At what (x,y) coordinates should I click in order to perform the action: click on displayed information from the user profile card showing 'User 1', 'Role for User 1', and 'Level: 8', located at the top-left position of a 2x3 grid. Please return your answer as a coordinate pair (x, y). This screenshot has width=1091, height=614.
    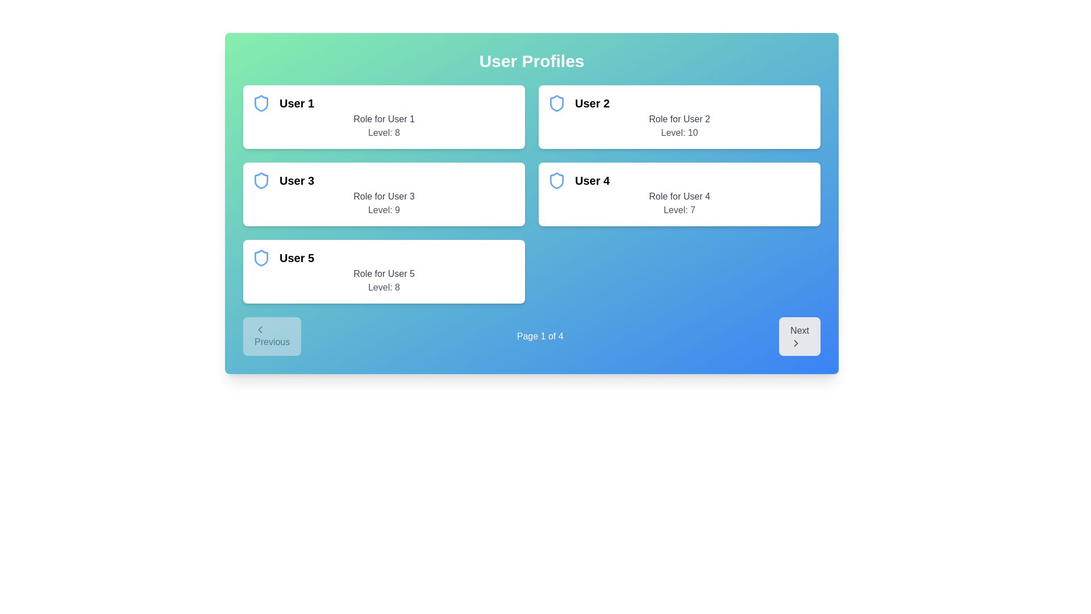
    Looking at the image, I should click on (384, 117).